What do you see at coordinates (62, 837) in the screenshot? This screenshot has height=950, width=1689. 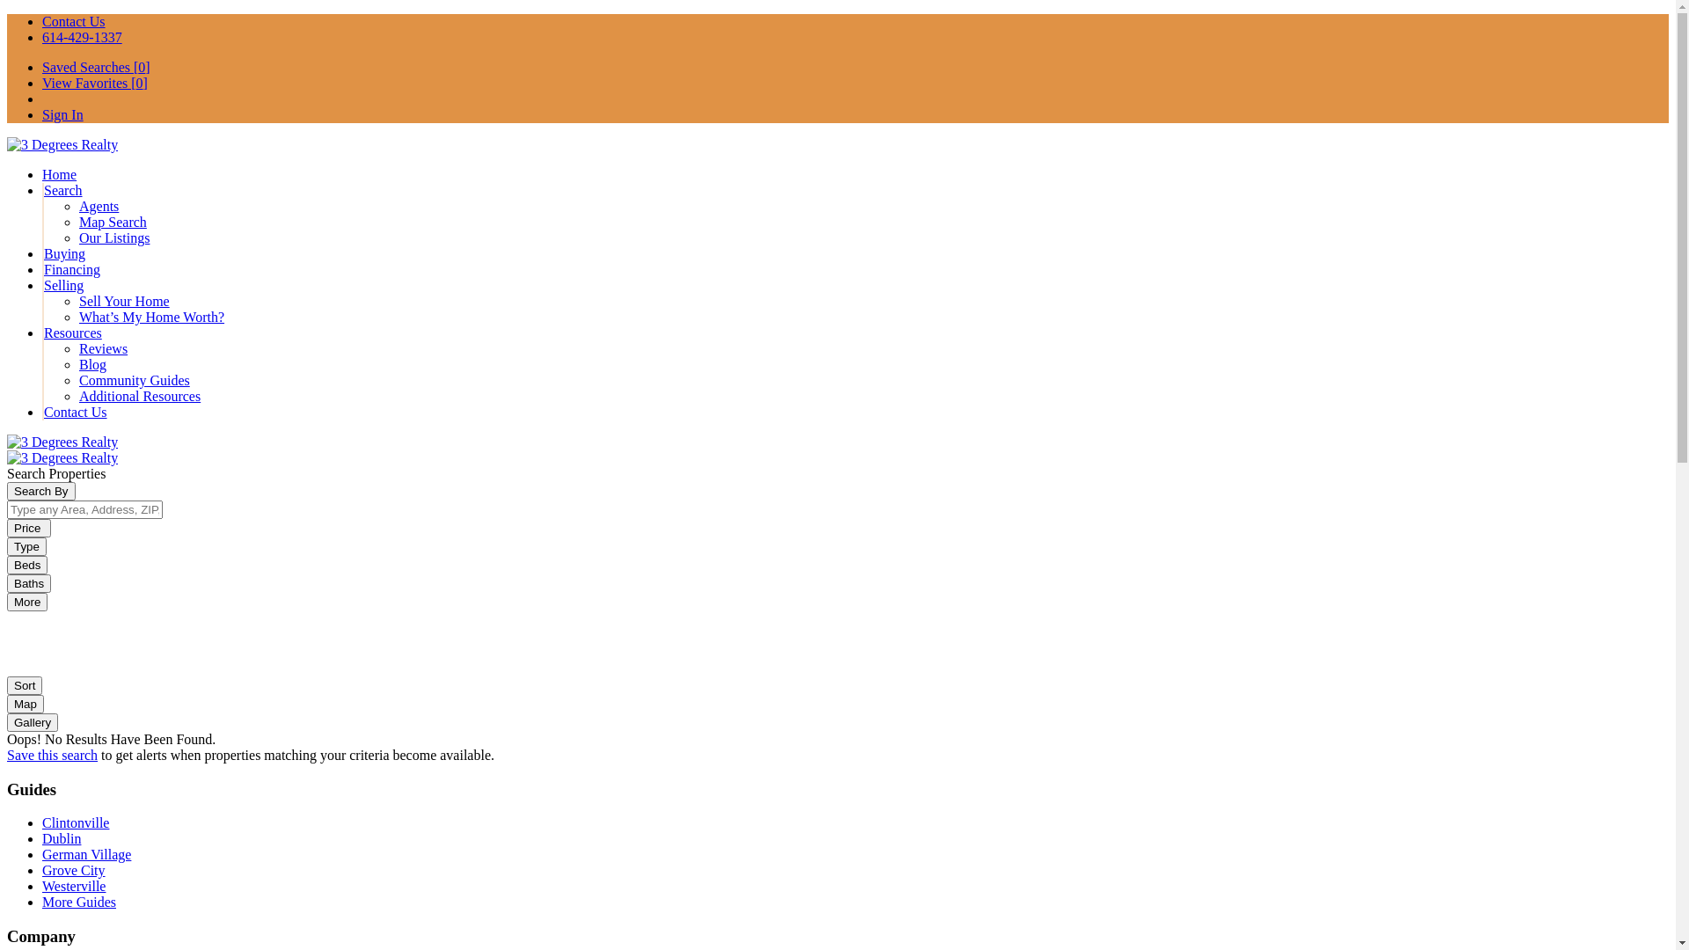 I see `'Dublin'` at bounding box center [62, 837].